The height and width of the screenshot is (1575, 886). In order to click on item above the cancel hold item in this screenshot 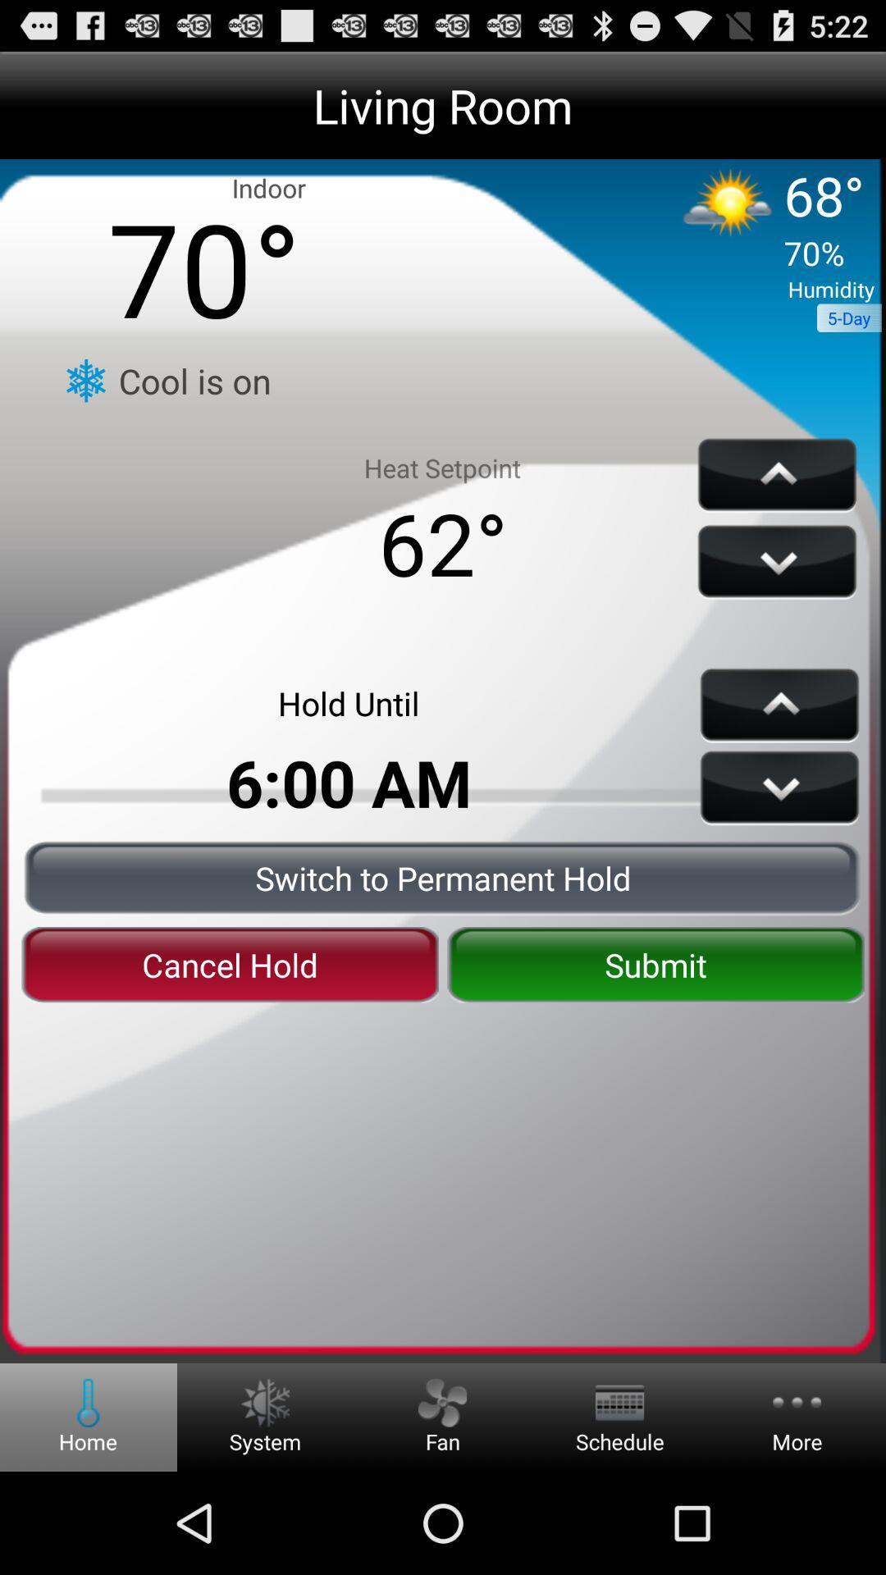, I will do `click(443, 877)`.